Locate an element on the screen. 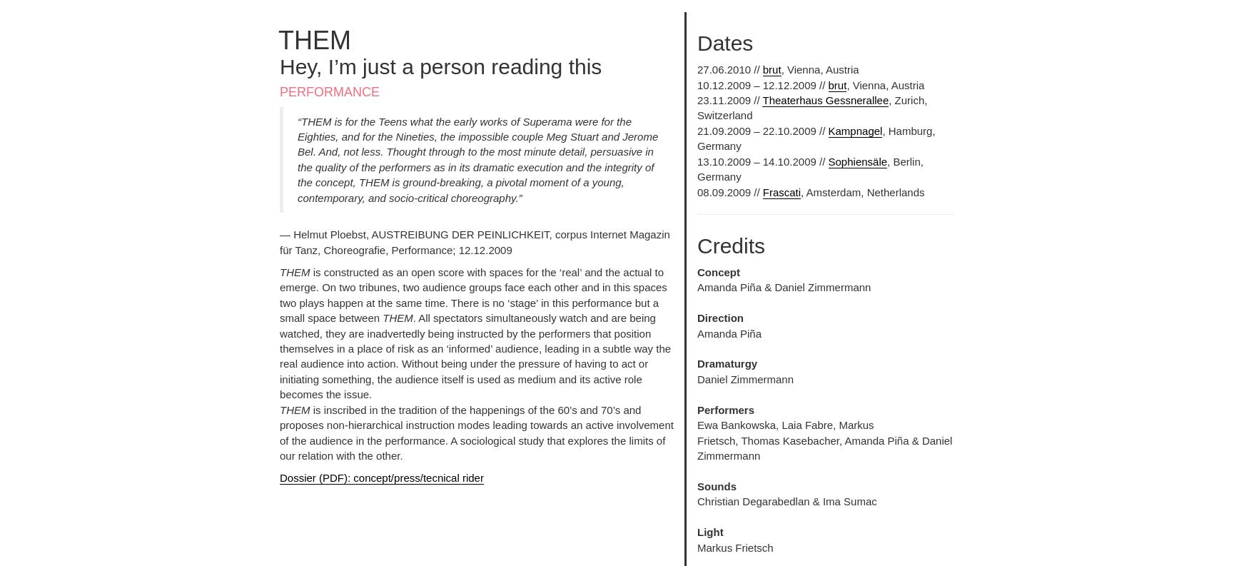 The height and width of the screenshot is (566, 1234). 'Sounds' is located at coordinates (717, 485).